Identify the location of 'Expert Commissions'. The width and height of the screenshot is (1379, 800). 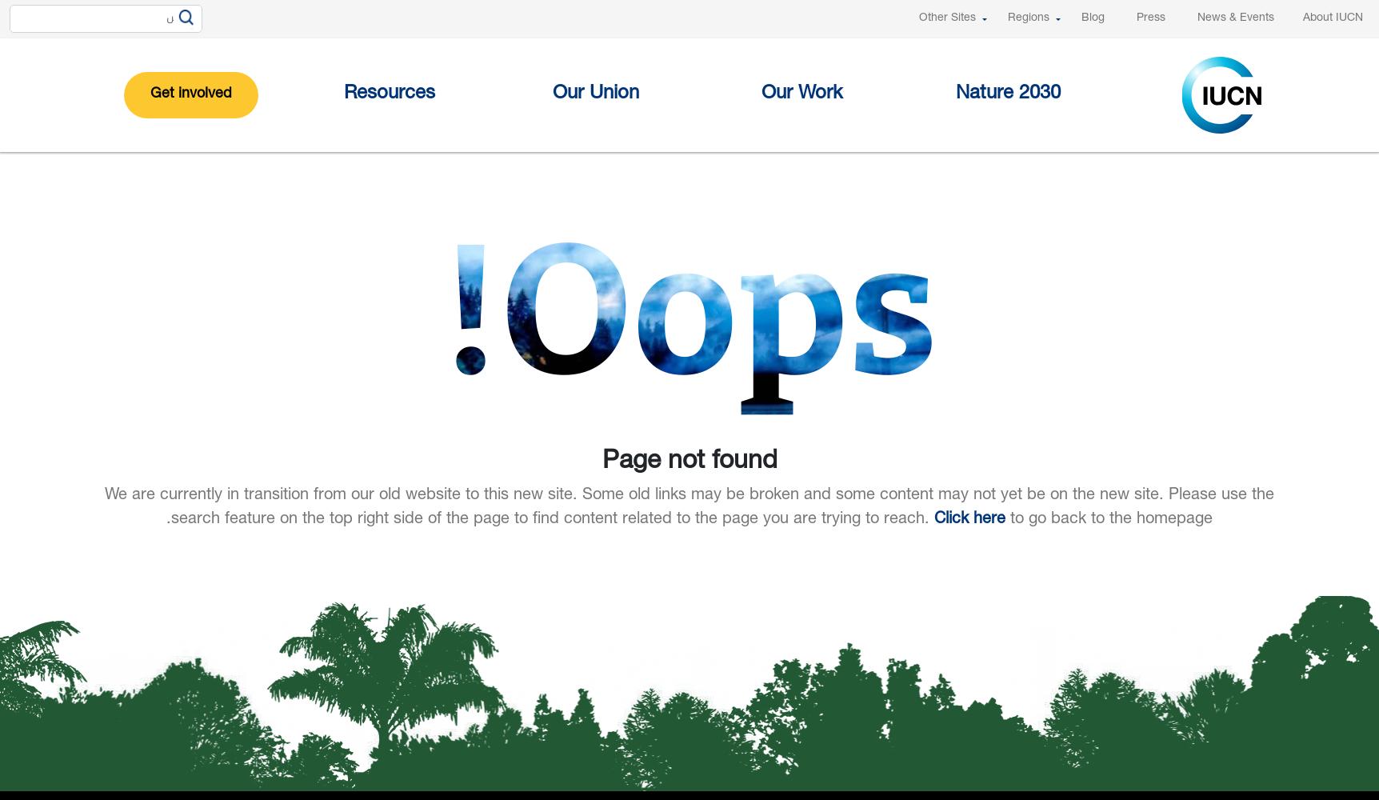
(751, 282).